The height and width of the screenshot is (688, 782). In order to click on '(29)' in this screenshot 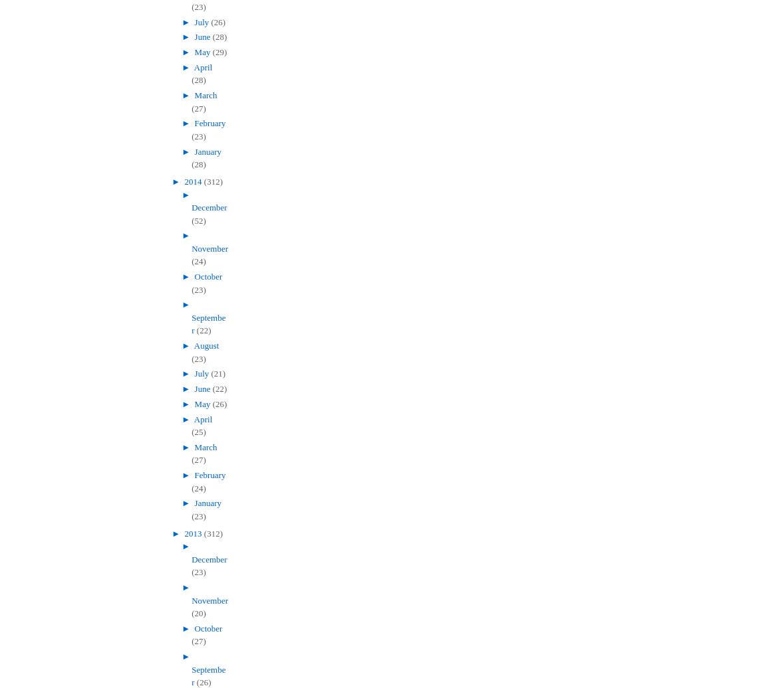, I will do `click(219, 52)`.